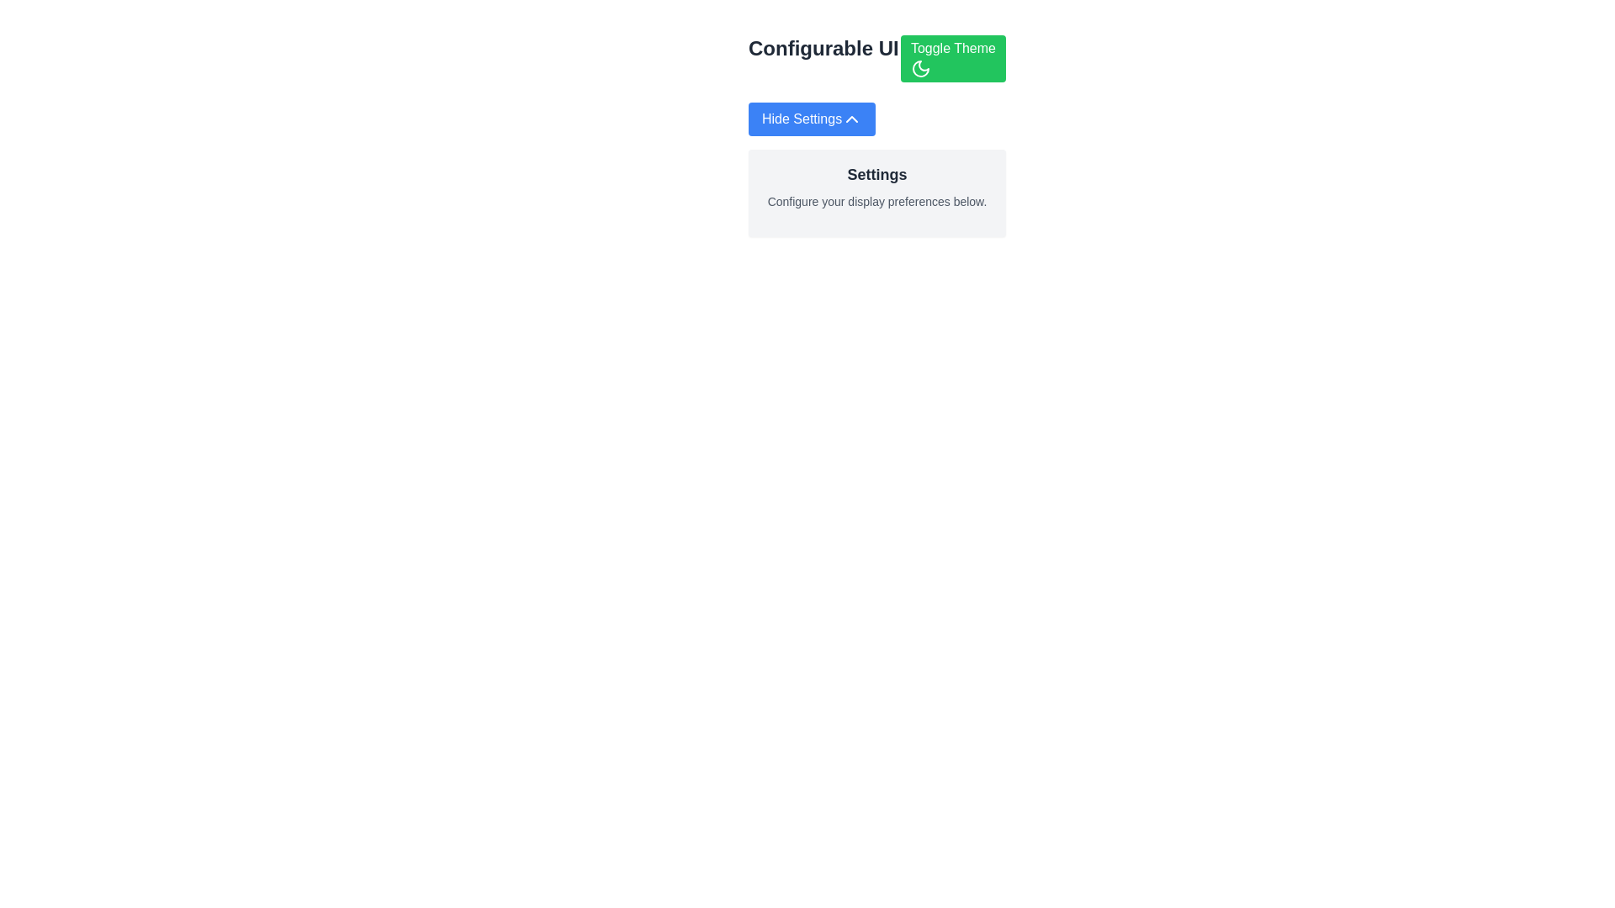 The width and height of the screenshot is (1615, 908). What do you see at coordinates (953, 57) in the screenshot?
I see `the green rectangular 'Toggle Theme' button with rounded corners to observe the hover effect` at bounding box center [953, 57].